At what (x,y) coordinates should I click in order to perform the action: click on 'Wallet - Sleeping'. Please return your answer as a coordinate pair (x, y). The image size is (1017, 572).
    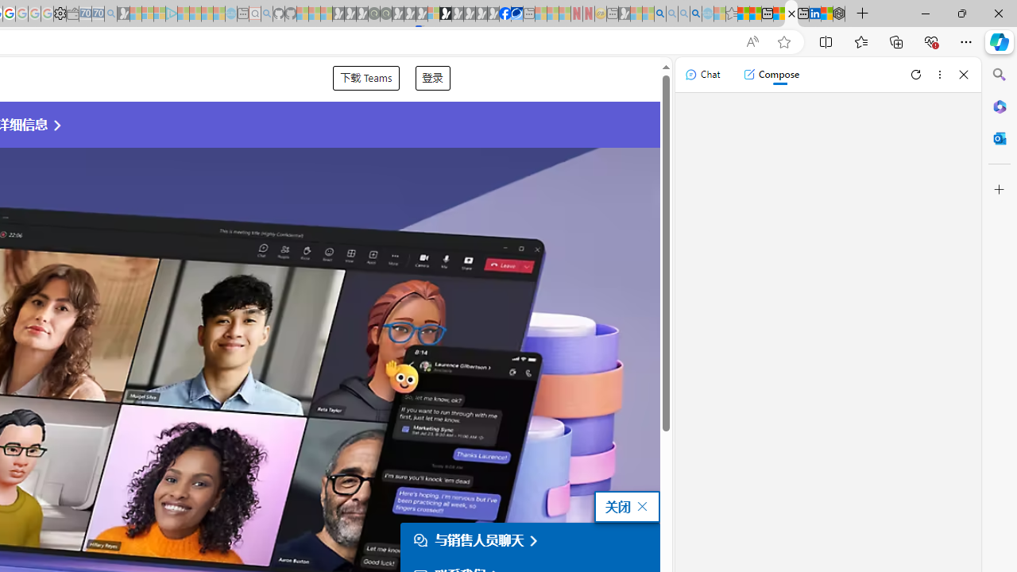
    Looking at the image, I should click on (72, 14).